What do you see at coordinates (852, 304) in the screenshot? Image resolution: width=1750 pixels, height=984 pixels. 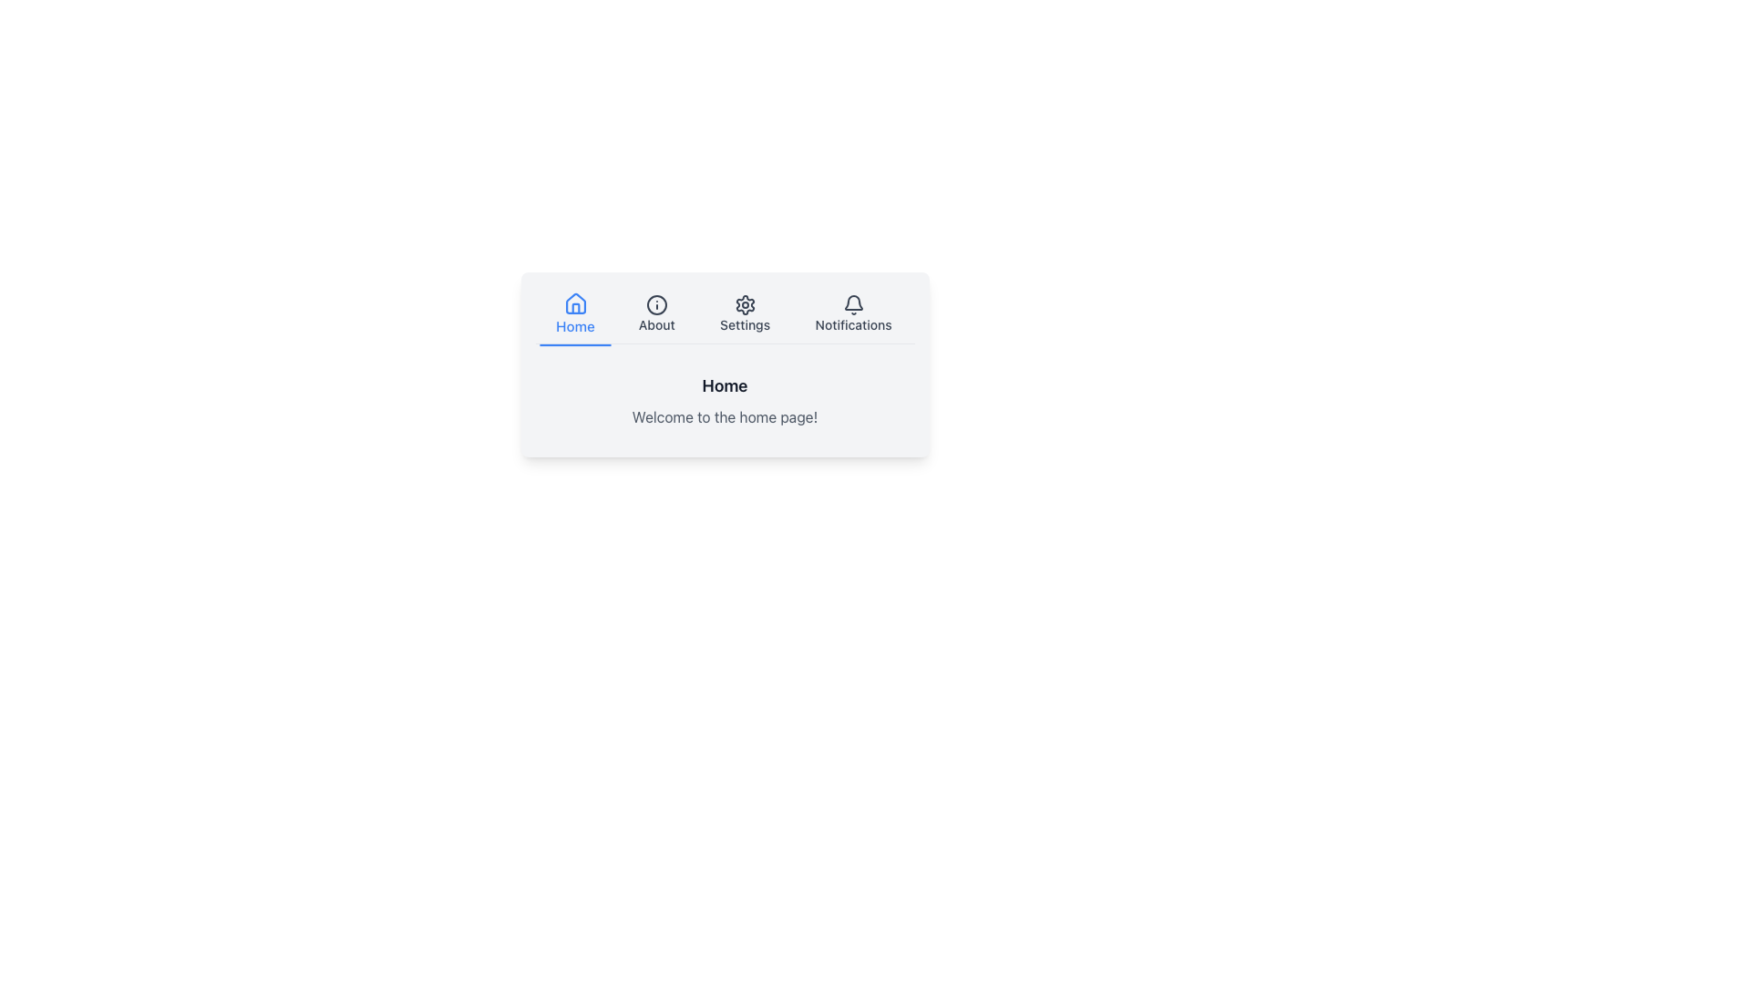 I see `the black bell icon positioned beside the 'Notifications' label in the horizontal navigation bar` at bounding box center [852, 304].